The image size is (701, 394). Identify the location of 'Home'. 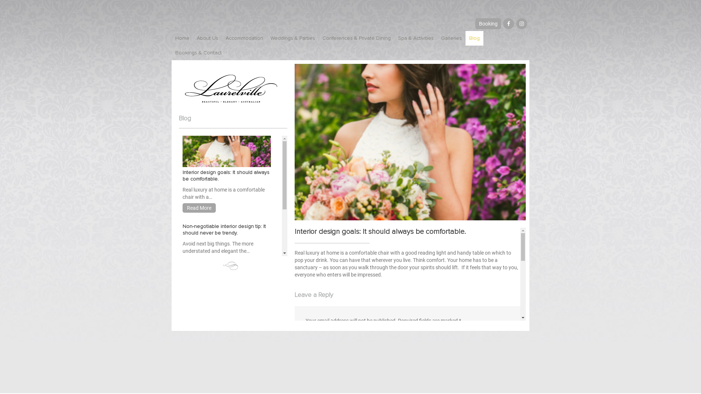
(182, 38).